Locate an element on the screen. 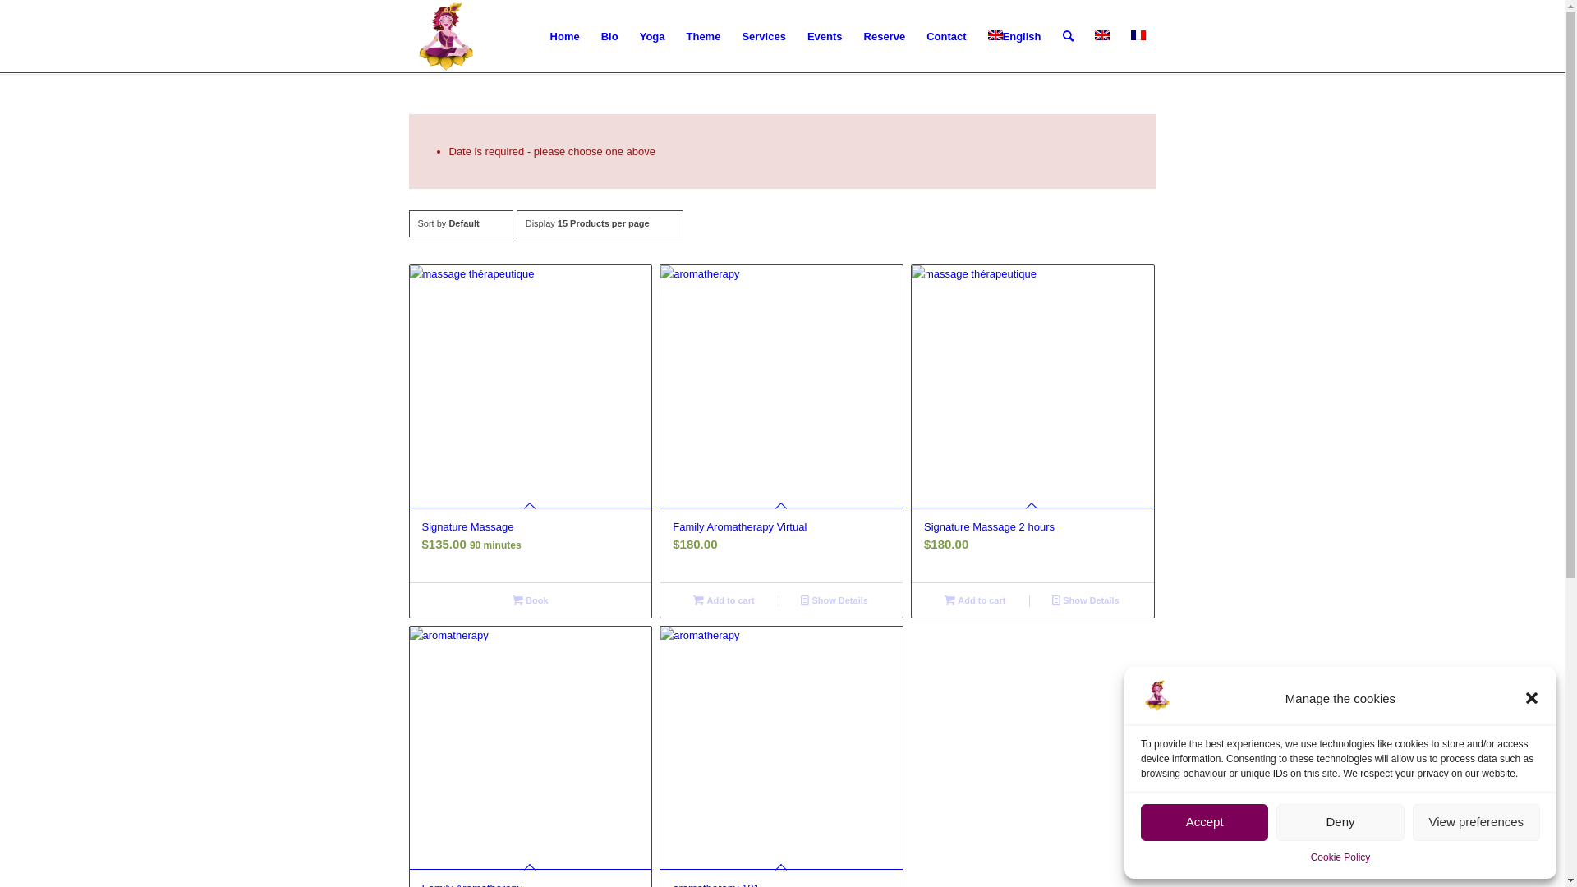 Image resolution: width=1577 pixels, height=887 pixels. 'View preferences' is located at coordinates (1476, 822).